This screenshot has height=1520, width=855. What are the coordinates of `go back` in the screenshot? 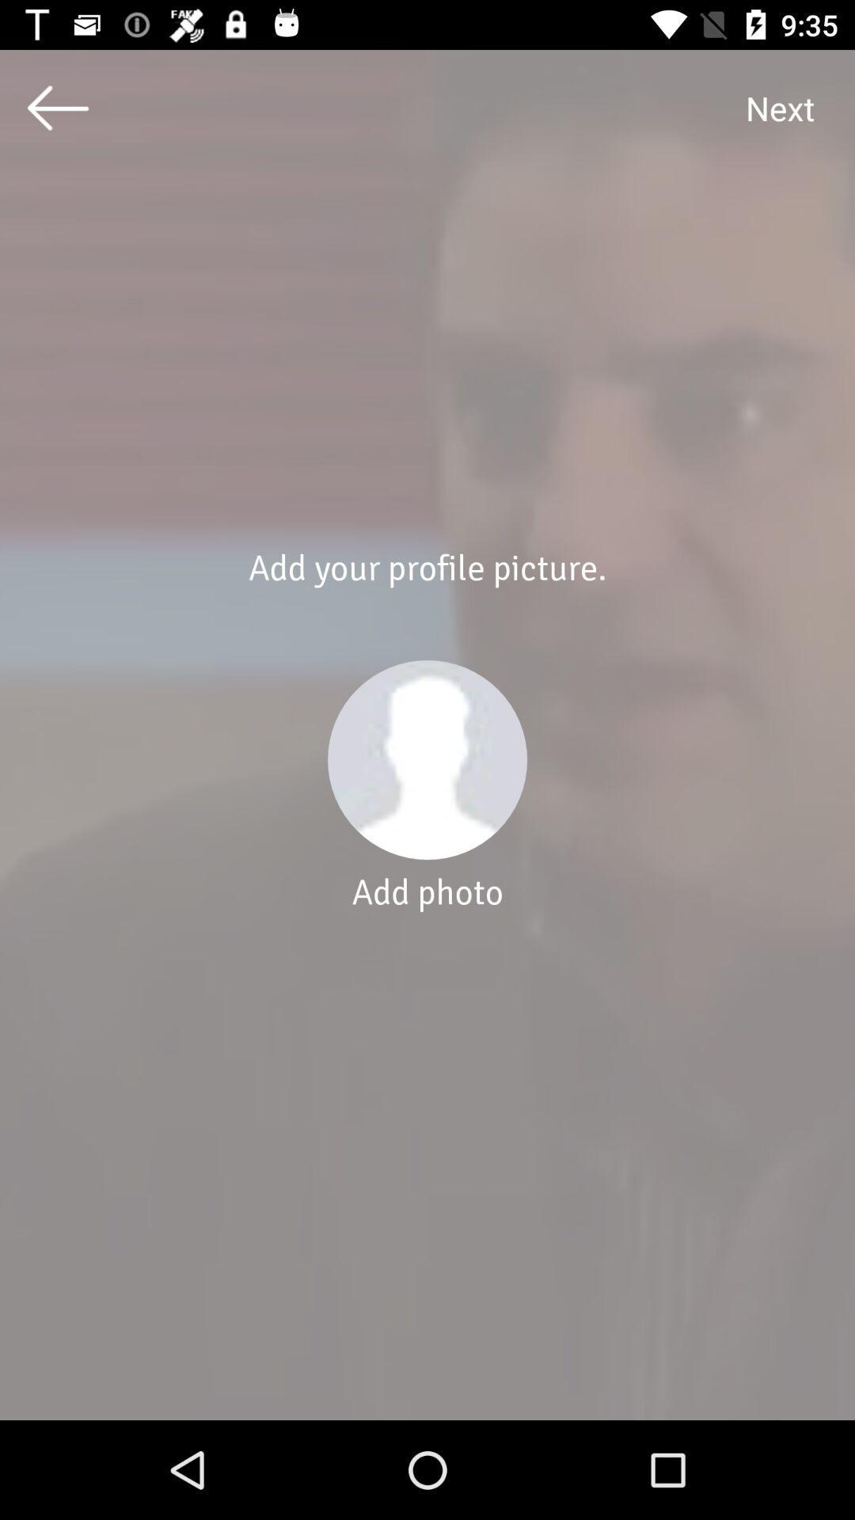 It's located at (57, 107).